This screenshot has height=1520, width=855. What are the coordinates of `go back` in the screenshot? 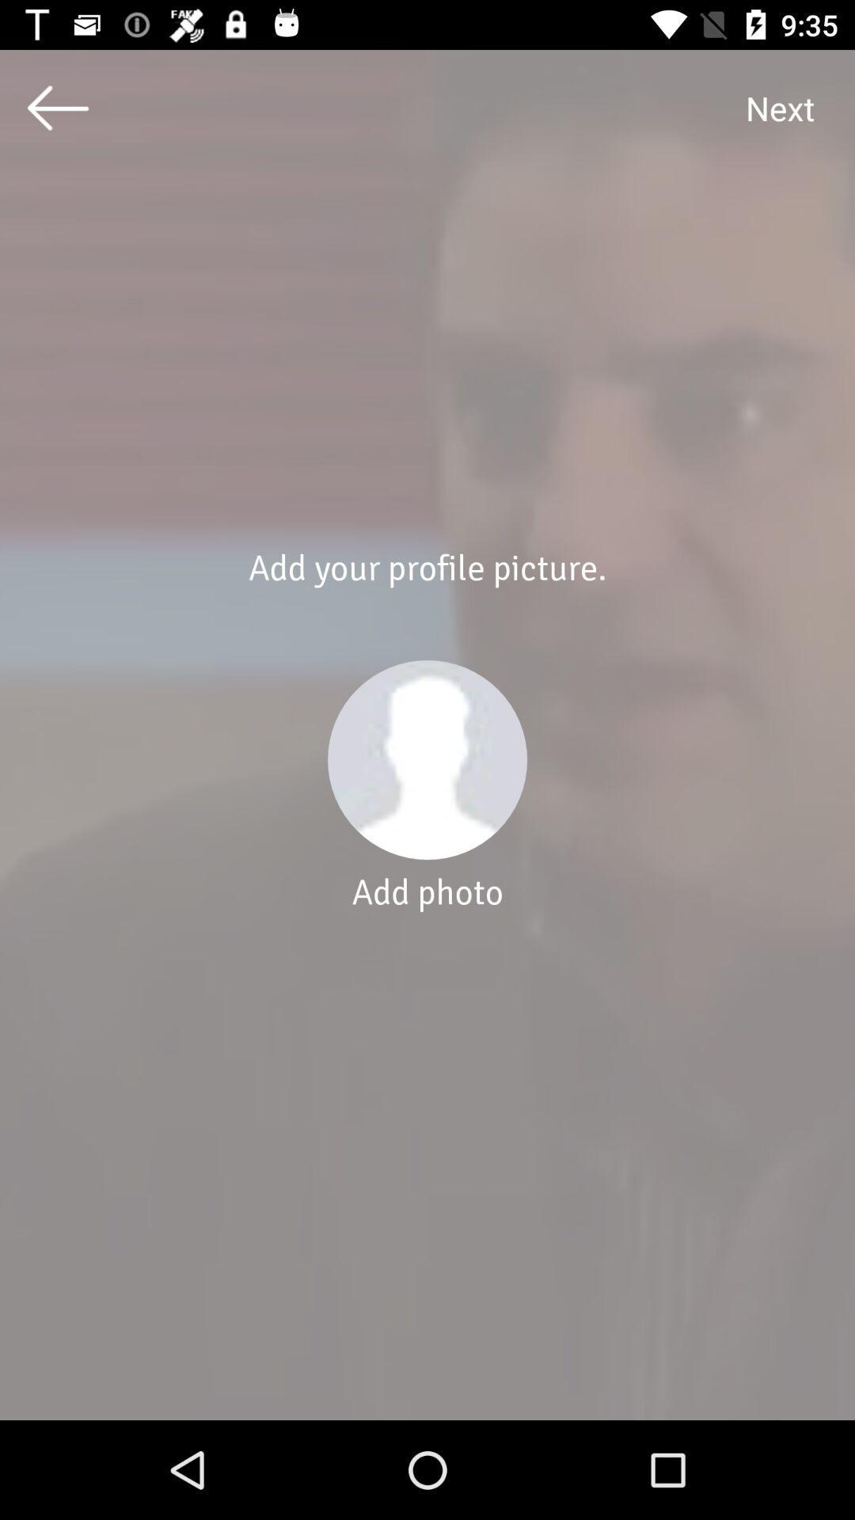 It's located at (57, 107).